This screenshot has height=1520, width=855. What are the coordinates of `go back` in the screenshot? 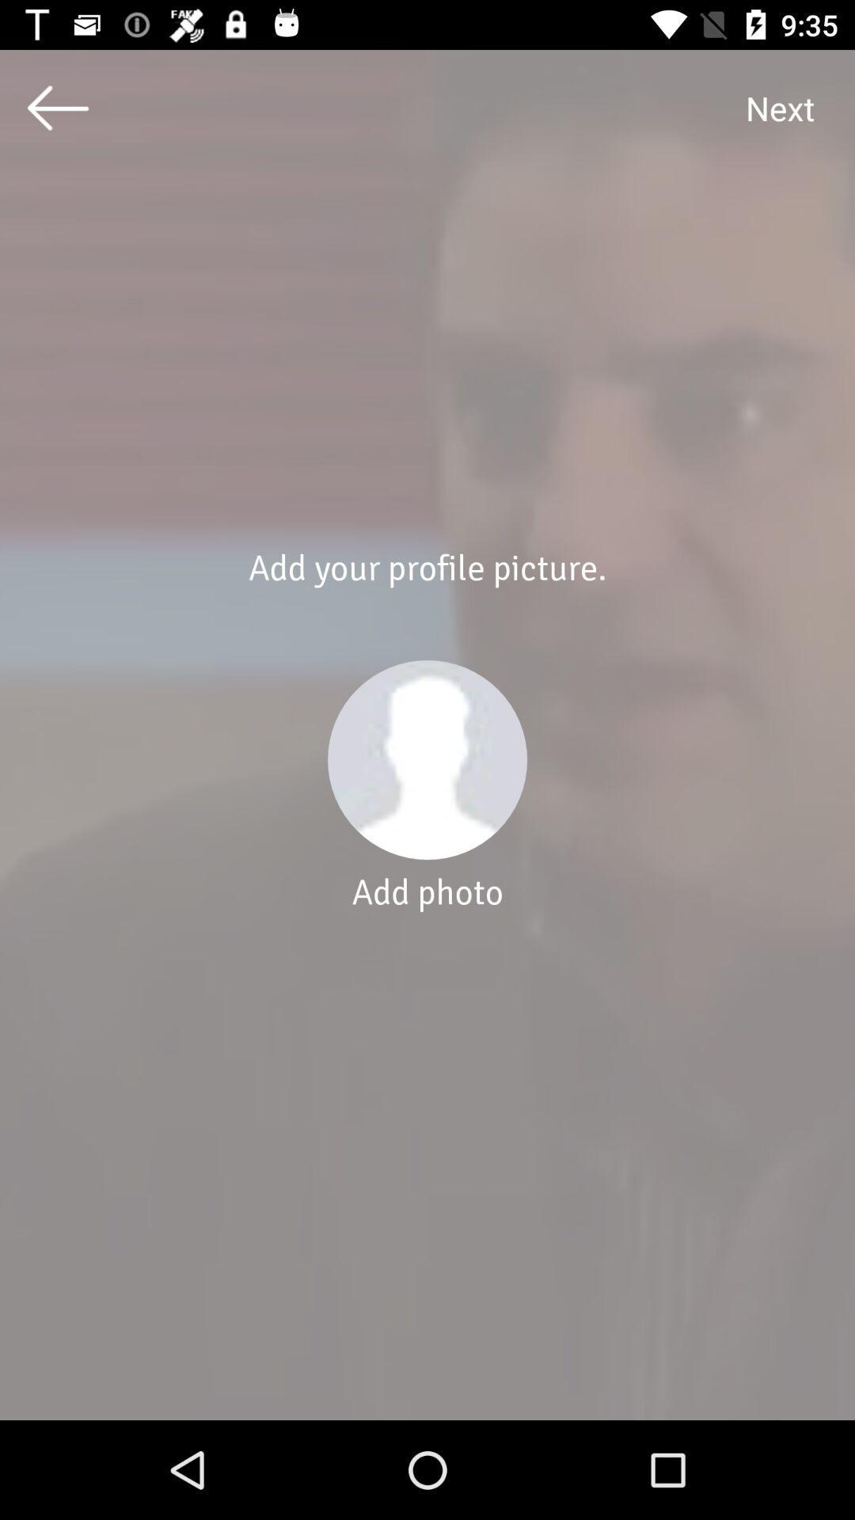 It's located at (57, 107).